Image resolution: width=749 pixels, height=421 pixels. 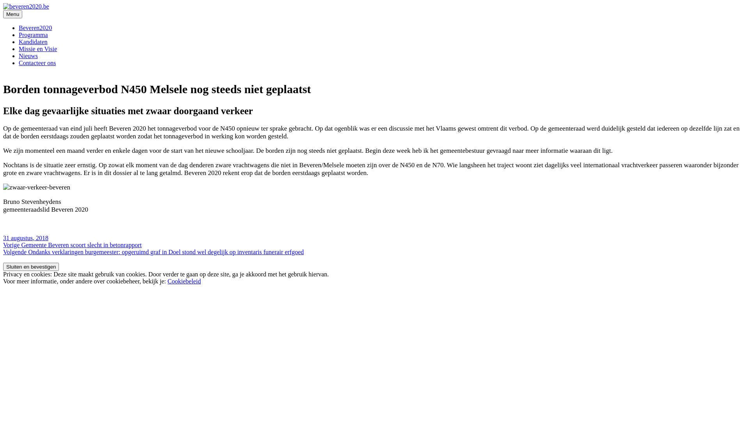 I want to click on 'Missie en Visie', so click(x=37, y=49).